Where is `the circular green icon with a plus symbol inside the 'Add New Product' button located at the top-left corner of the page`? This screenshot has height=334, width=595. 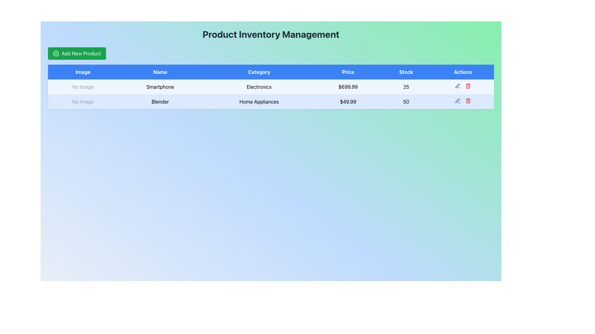
the circular green icon with a plus symbol inside the 'Add New Product' button located at the top-left corner of the page is located at coordinates (56, 53).